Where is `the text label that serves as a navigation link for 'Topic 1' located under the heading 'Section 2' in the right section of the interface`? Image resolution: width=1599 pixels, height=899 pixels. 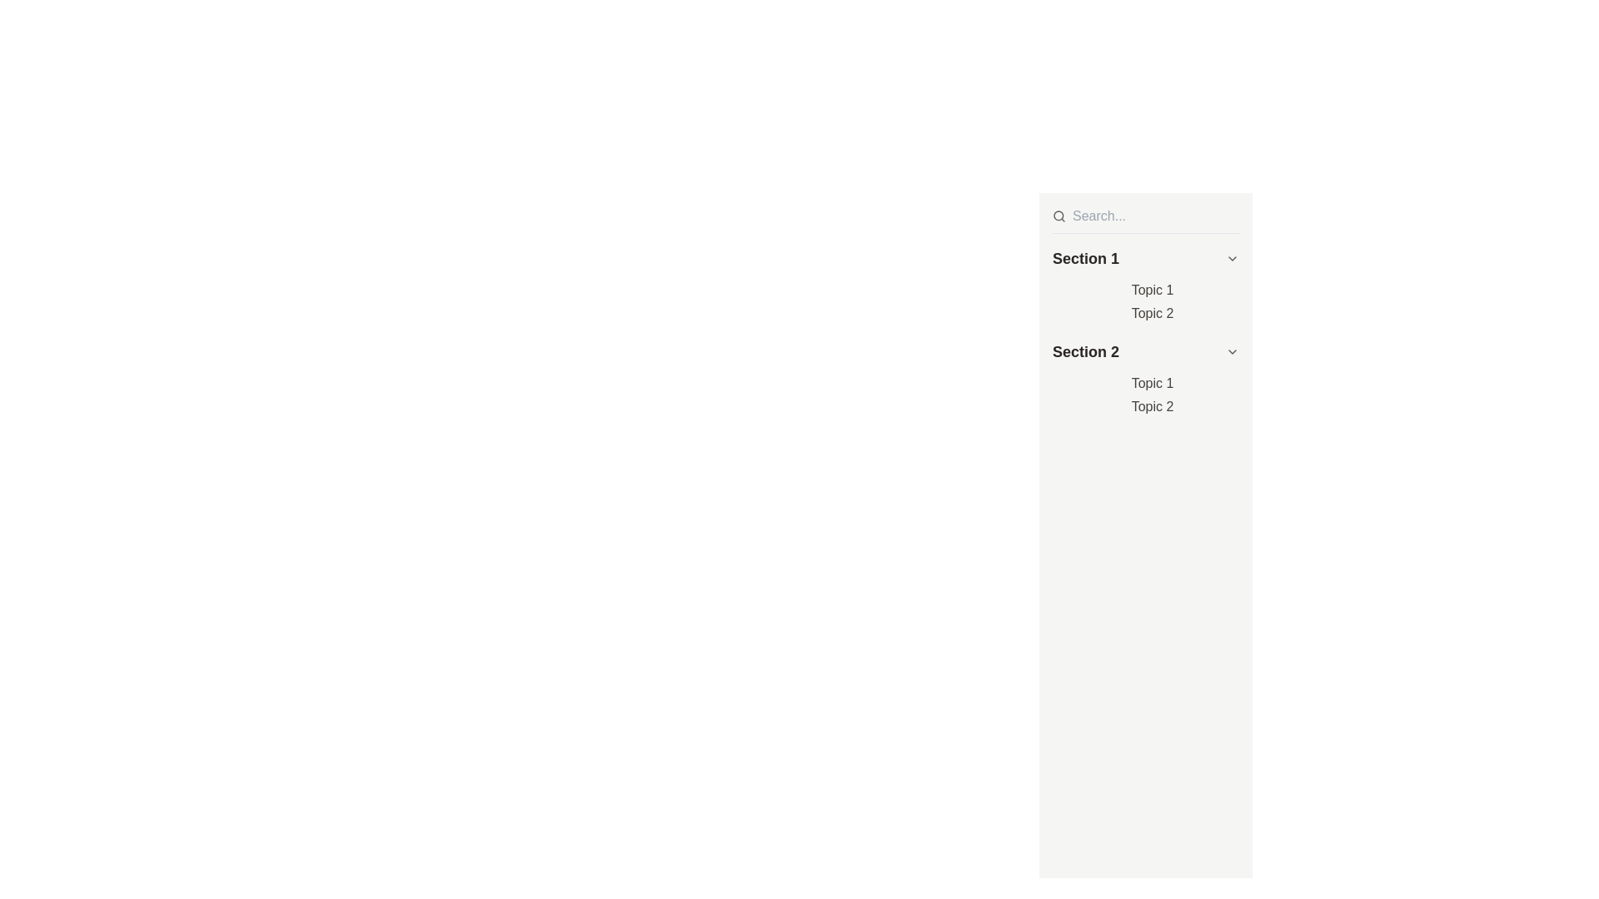
the text label that serves as a navigation link for 'Topic 1' located under the heading 'Section 2' in the right section of the interface is located at coordinates (1151, 384).